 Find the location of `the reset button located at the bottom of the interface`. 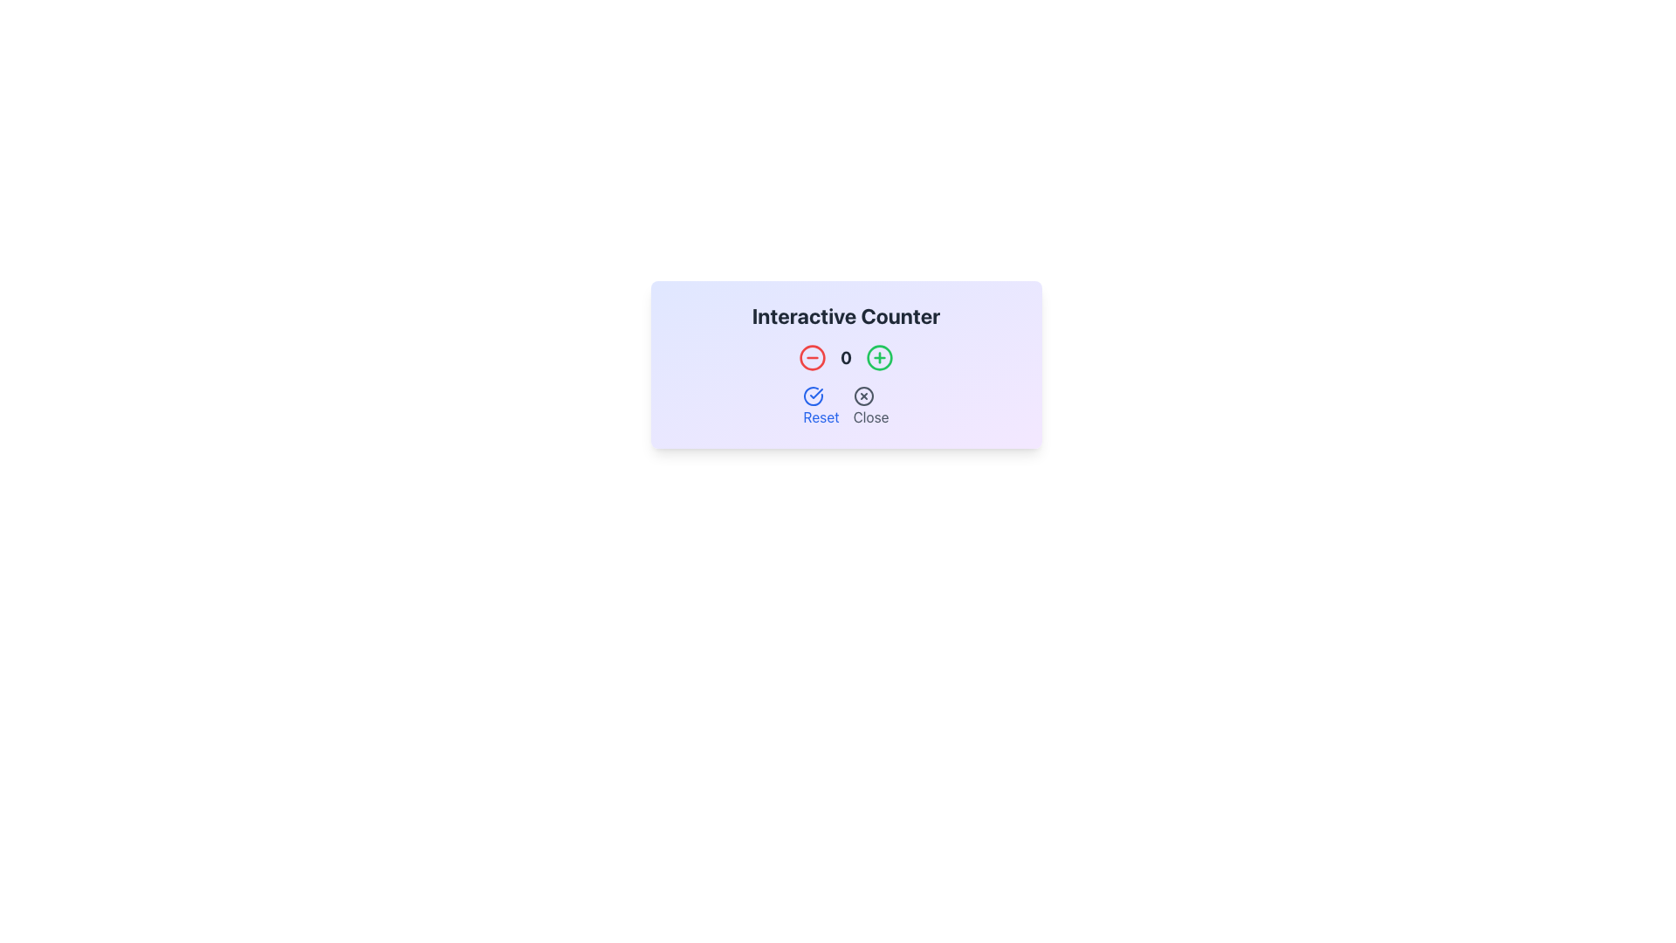

the reset button located at the bottom of the interface is located at coordinates (820, 407).